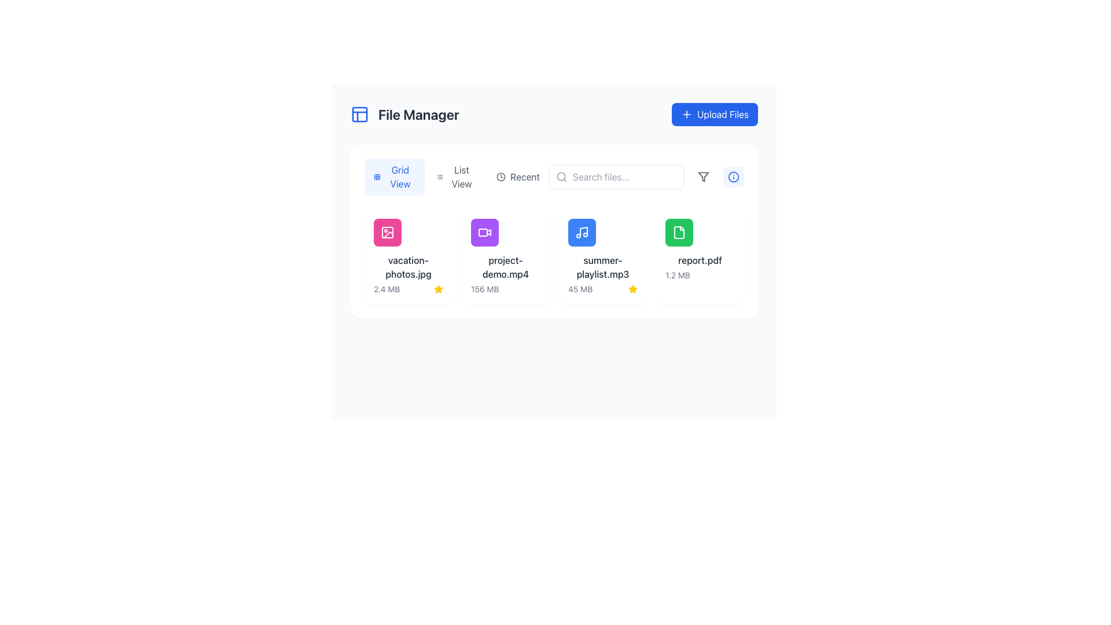  Describe the element at coordinates (488, 232) in the screenshot. I see `the play triangle icon representing the video playback functionality located in the second card of the grid for the video file 'project-demo.mp4'` at that location.